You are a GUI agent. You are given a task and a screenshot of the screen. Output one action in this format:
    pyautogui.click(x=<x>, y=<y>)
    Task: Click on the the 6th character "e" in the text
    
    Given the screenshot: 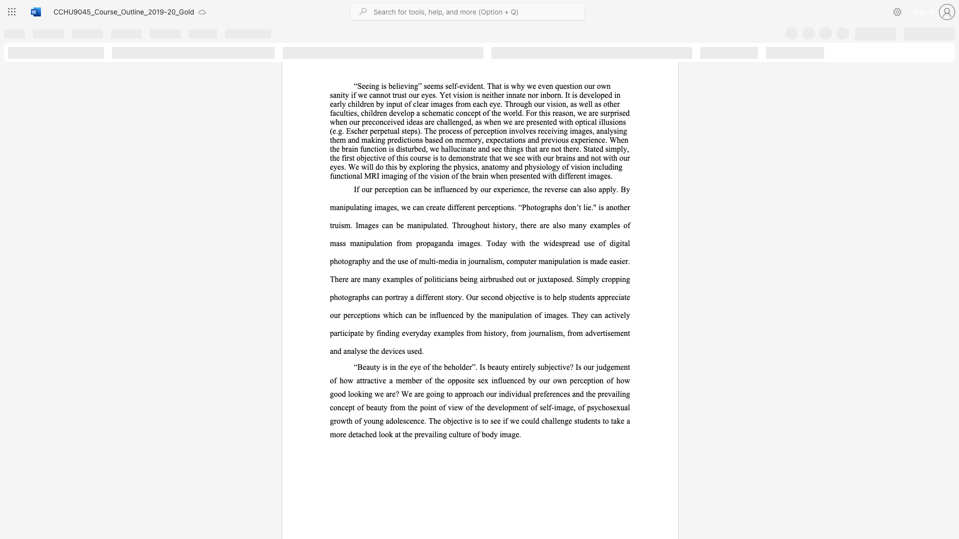 What is the action you would take?
    pyautogui.click(x=449, y=367)
    